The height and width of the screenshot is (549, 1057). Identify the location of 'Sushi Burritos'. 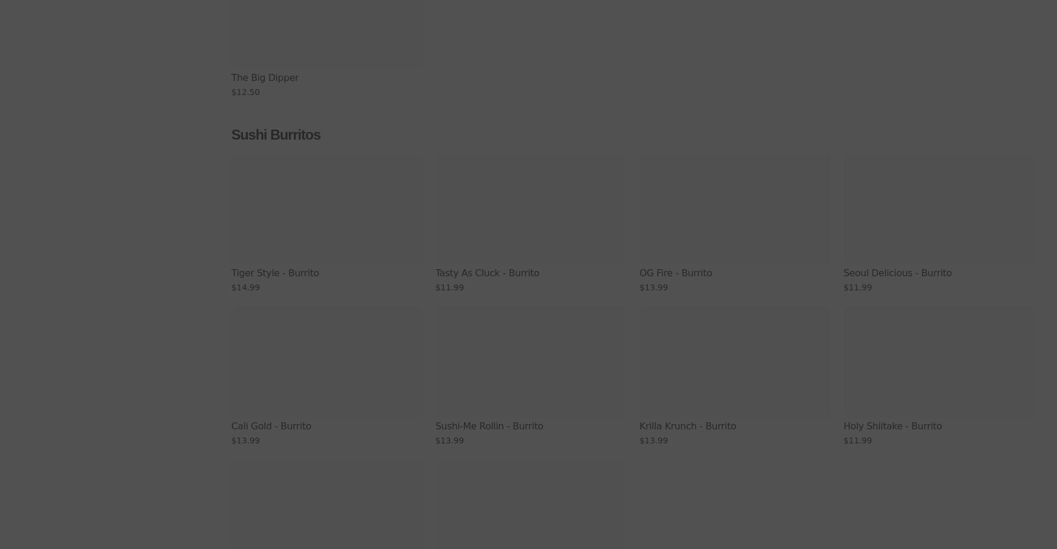
(275, 134).